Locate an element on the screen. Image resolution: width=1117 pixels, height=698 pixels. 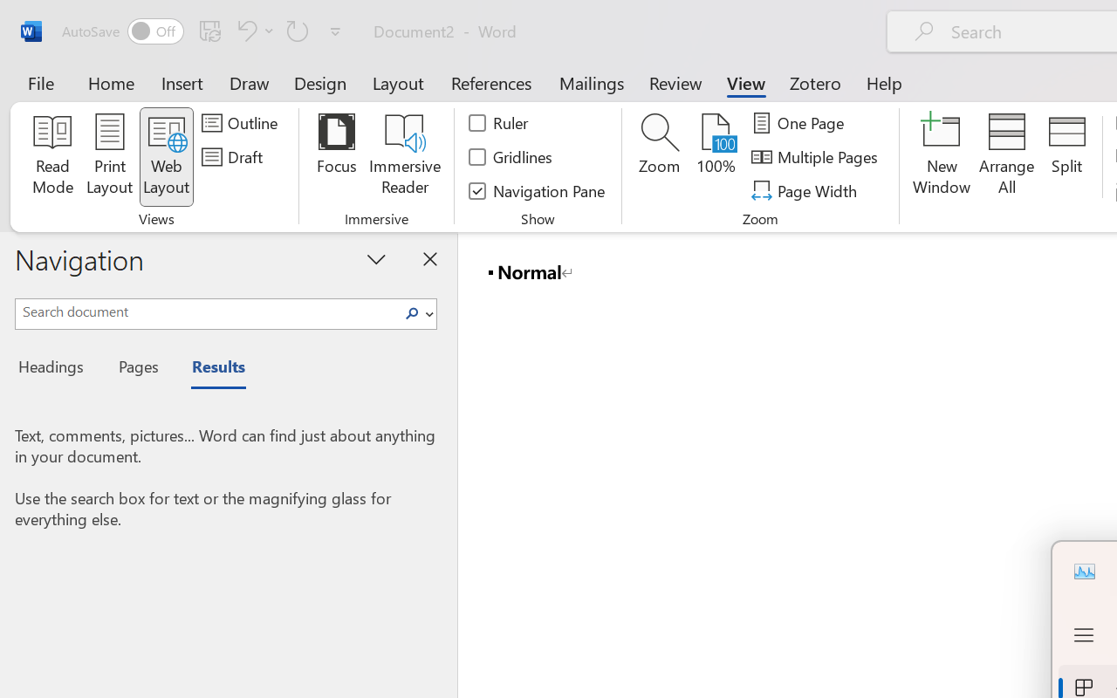
'Search' is located at coordinates (416, 314).